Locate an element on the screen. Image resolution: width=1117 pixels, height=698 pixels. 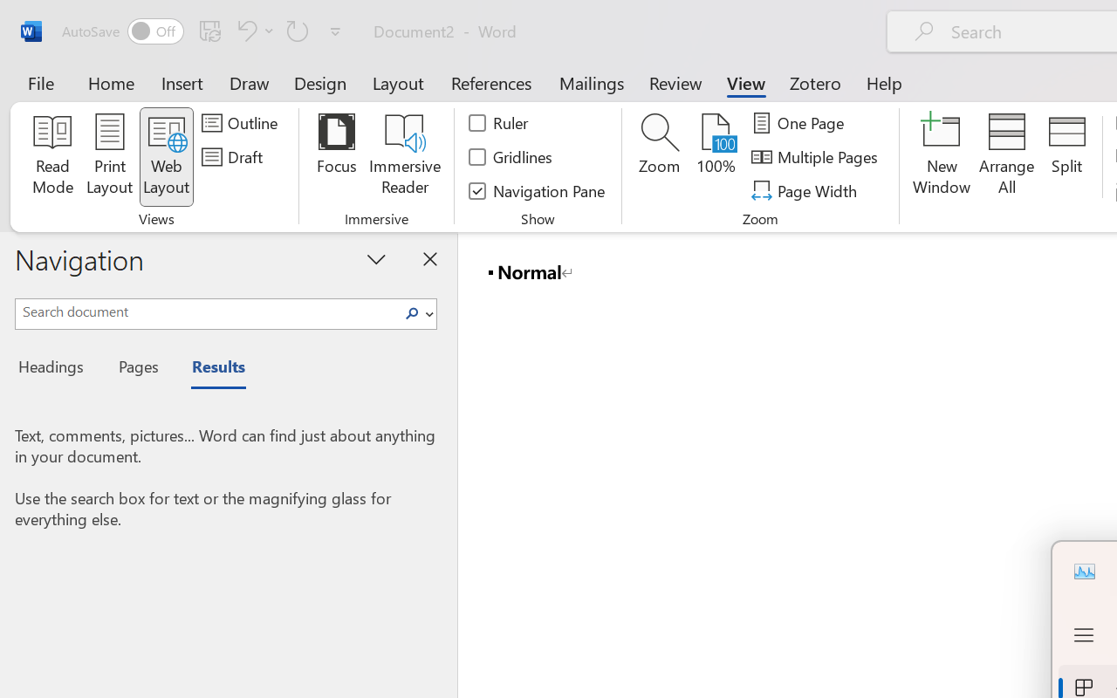
'Search' is located at coordinates (416, 314).